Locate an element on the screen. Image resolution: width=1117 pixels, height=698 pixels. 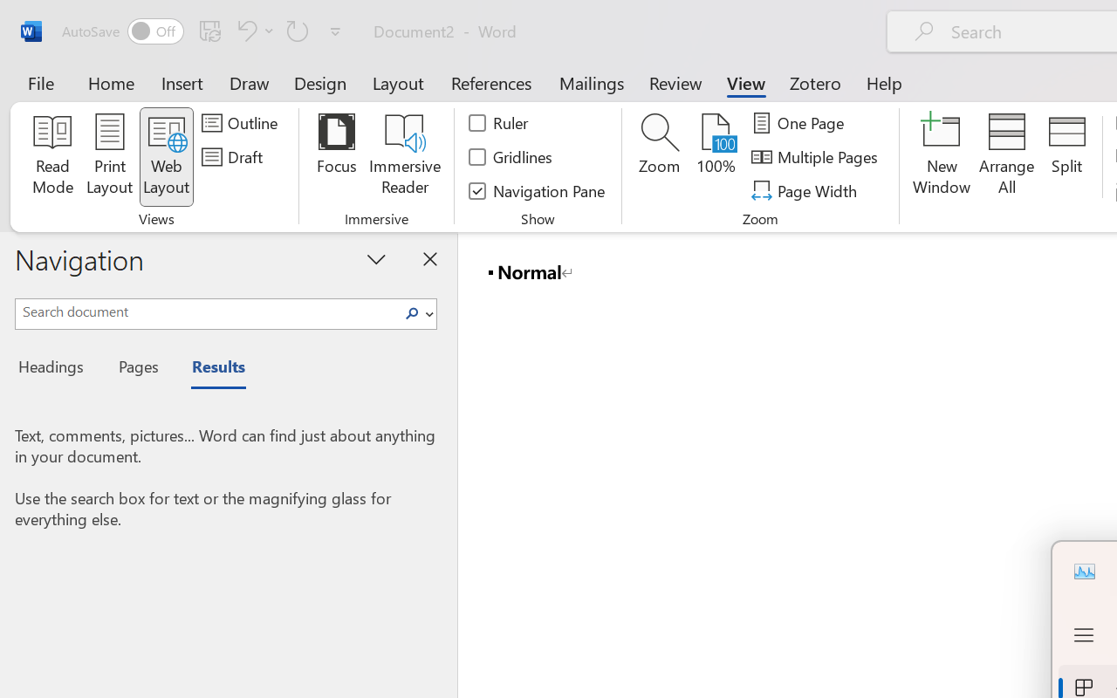
'Search' is located at coordinates (416, 314).